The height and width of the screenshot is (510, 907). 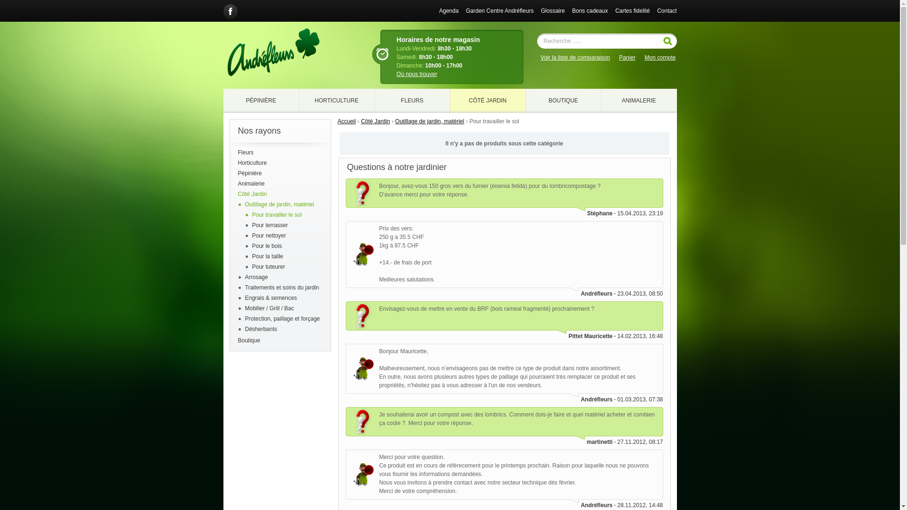 What do you see at coordinates (571, 11) in the screenshot?
I see `'Bons cadeaux'` at bounding box center [571, 11].